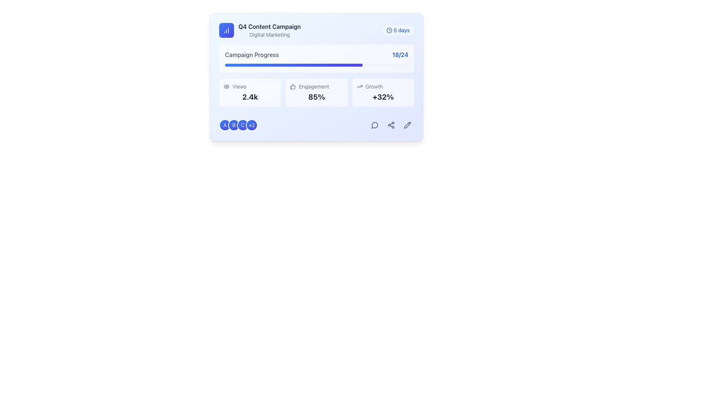  Describe the element at coordinates (375, 125) in the screenshot. I see `the speech bubble icon button to observe the hover effect of a semi-transparent white background and blue text color` at that location.